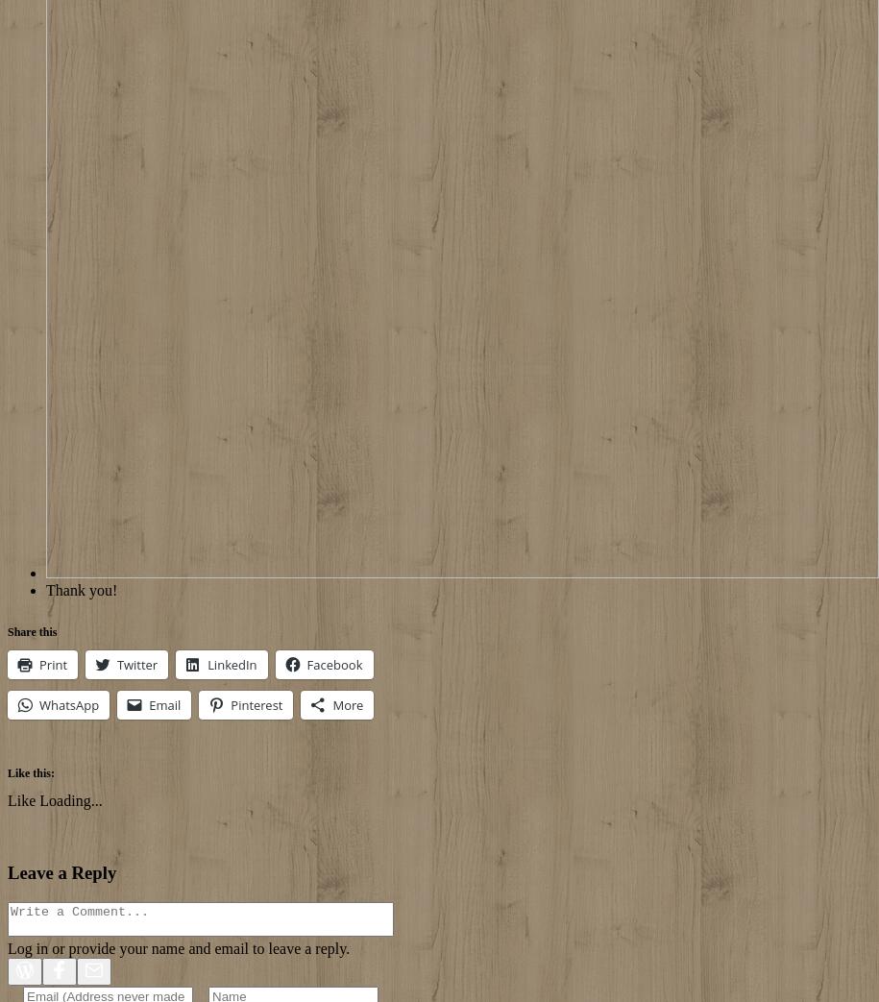 The height and width of the screenshot is (1002, 879). Describe the element at coordinates (38, 799) in the screenshot. I see `'Loading...'` at that location.